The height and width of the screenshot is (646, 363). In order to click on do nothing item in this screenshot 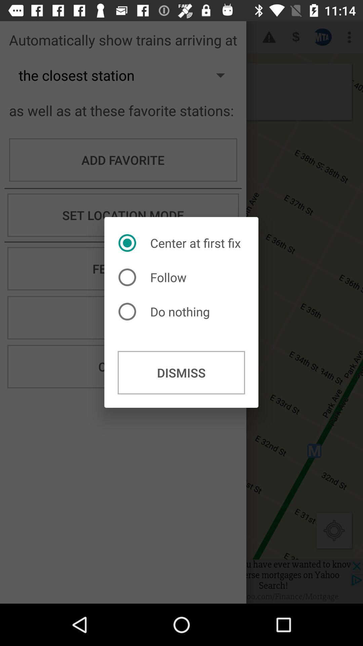, I will do `click(166, 311)`.